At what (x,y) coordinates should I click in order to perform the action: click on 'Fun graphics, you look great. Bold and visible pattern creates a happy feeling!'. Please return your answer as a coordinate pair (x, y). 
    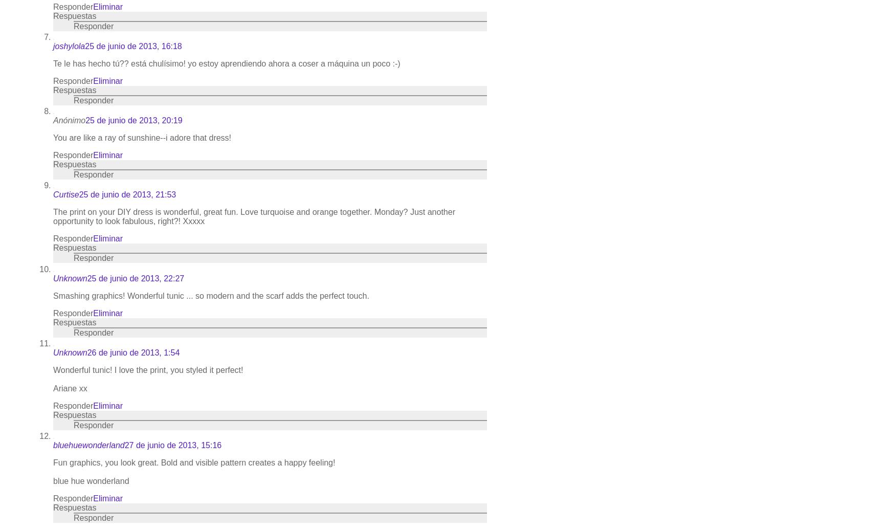
    Looking at the image, I should click on (193, 462).